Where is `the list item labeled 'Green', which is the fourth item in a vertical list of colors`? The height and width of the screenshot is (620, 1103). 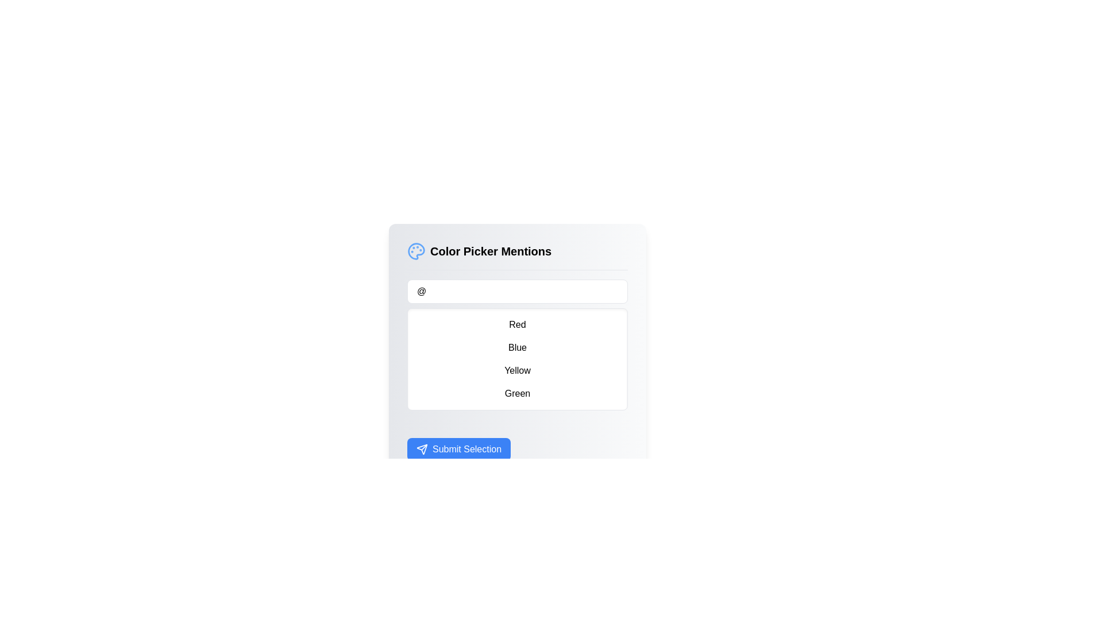
the list item labeled 'Green', which is the fourth item in a vertical list of colors is located at coordinates (517, 393).